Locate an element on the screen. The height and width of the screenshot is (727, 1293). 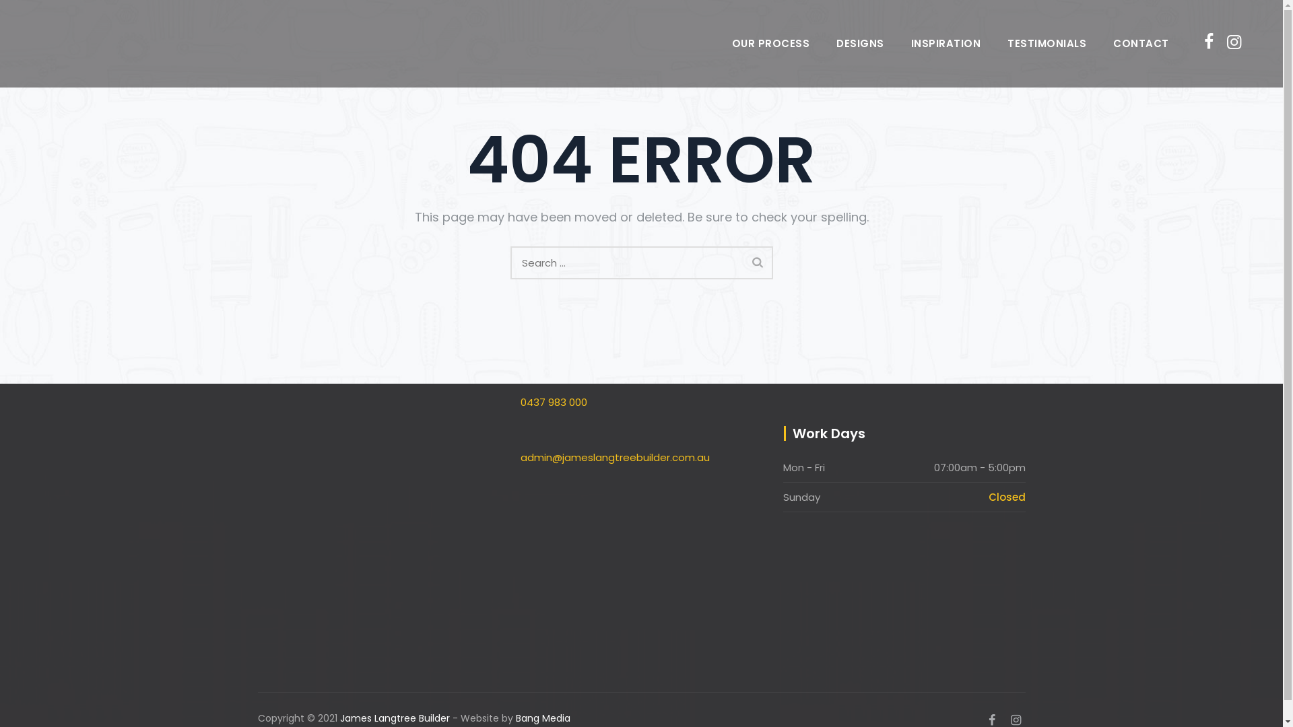
'DESIGNS' is located at coordinates (859, 43).